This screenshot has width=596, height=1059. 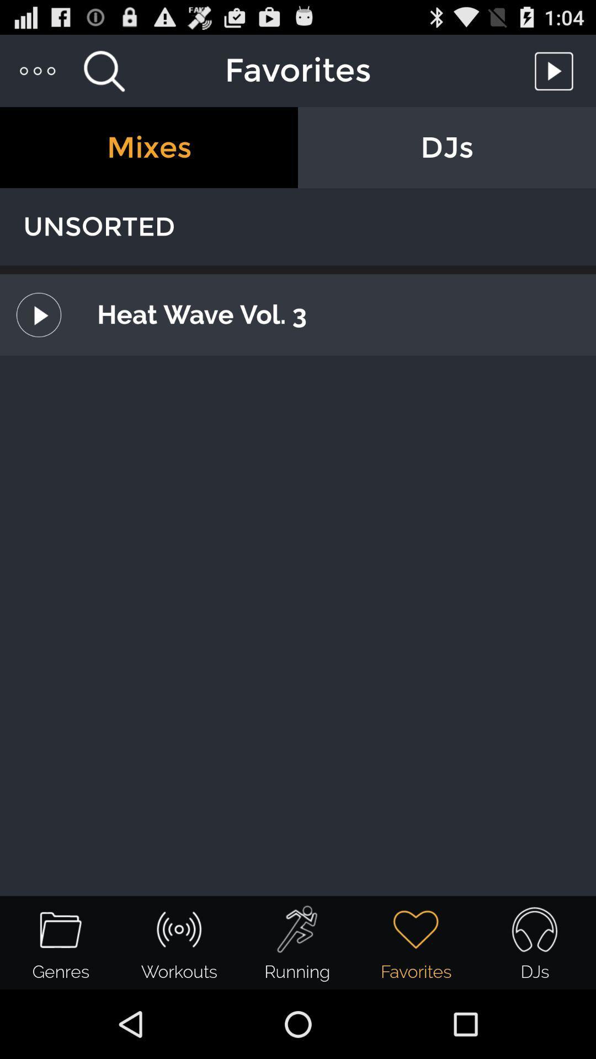 I want to click on the unsorted, so click(x=298, y=226).